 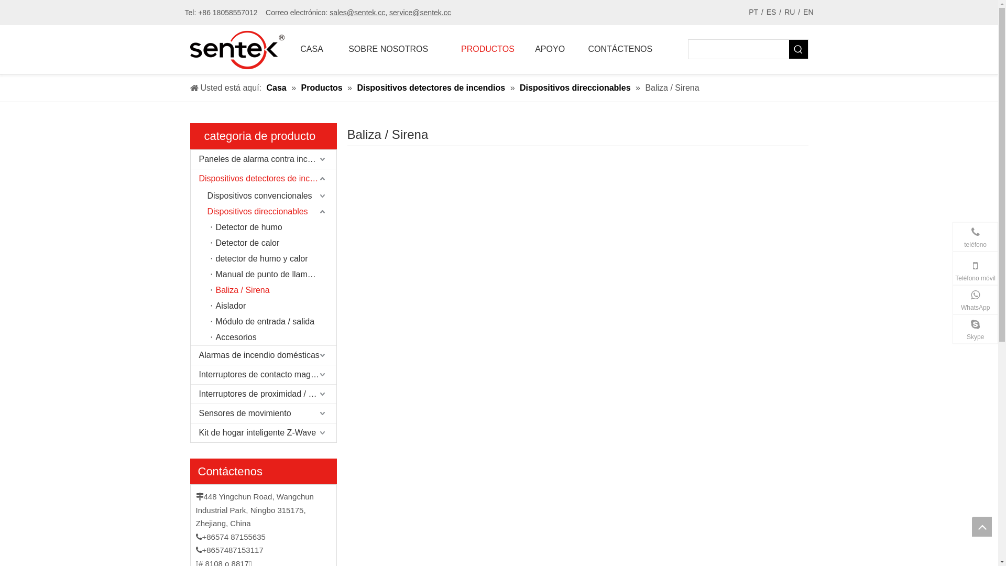 What do you see at coordinates (264, 413) in the screenshot?
I see `'Sensores de movimiento'` at bounding box center [264, 413].